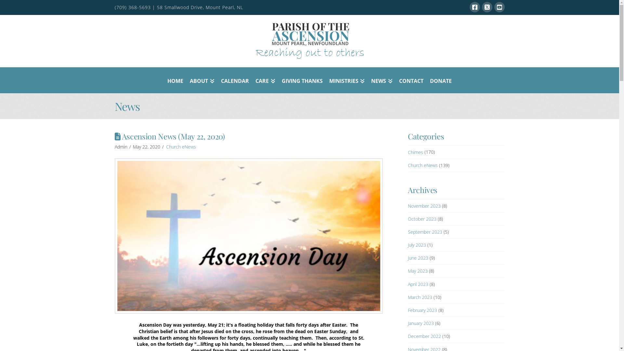 The image size is (624, 351). What do you see at coordinates (235, 80) in the screenshot?
I see `'CALENDAR'` at bounding box center [235, 80].